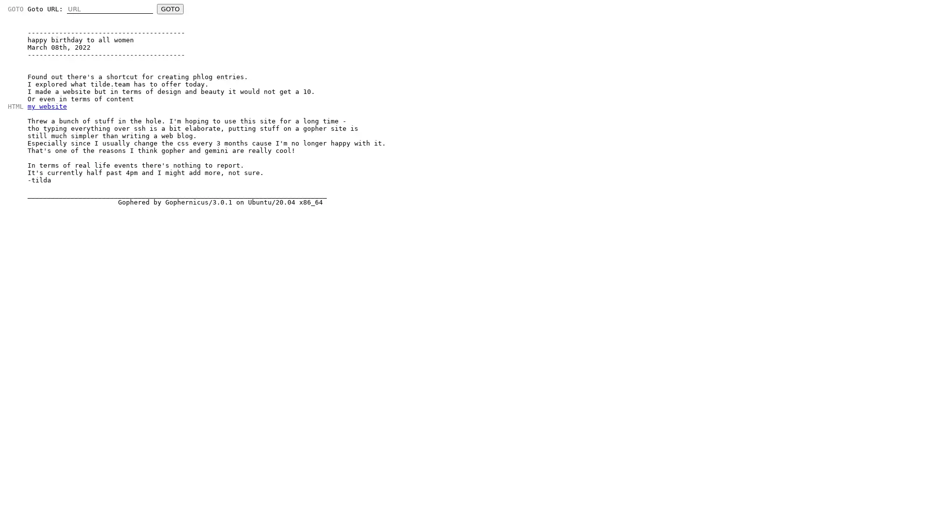 The image size is (945, 531). Describe the element at coordinates (170, 9) in the screenshot. I see `GOTO` at that location.